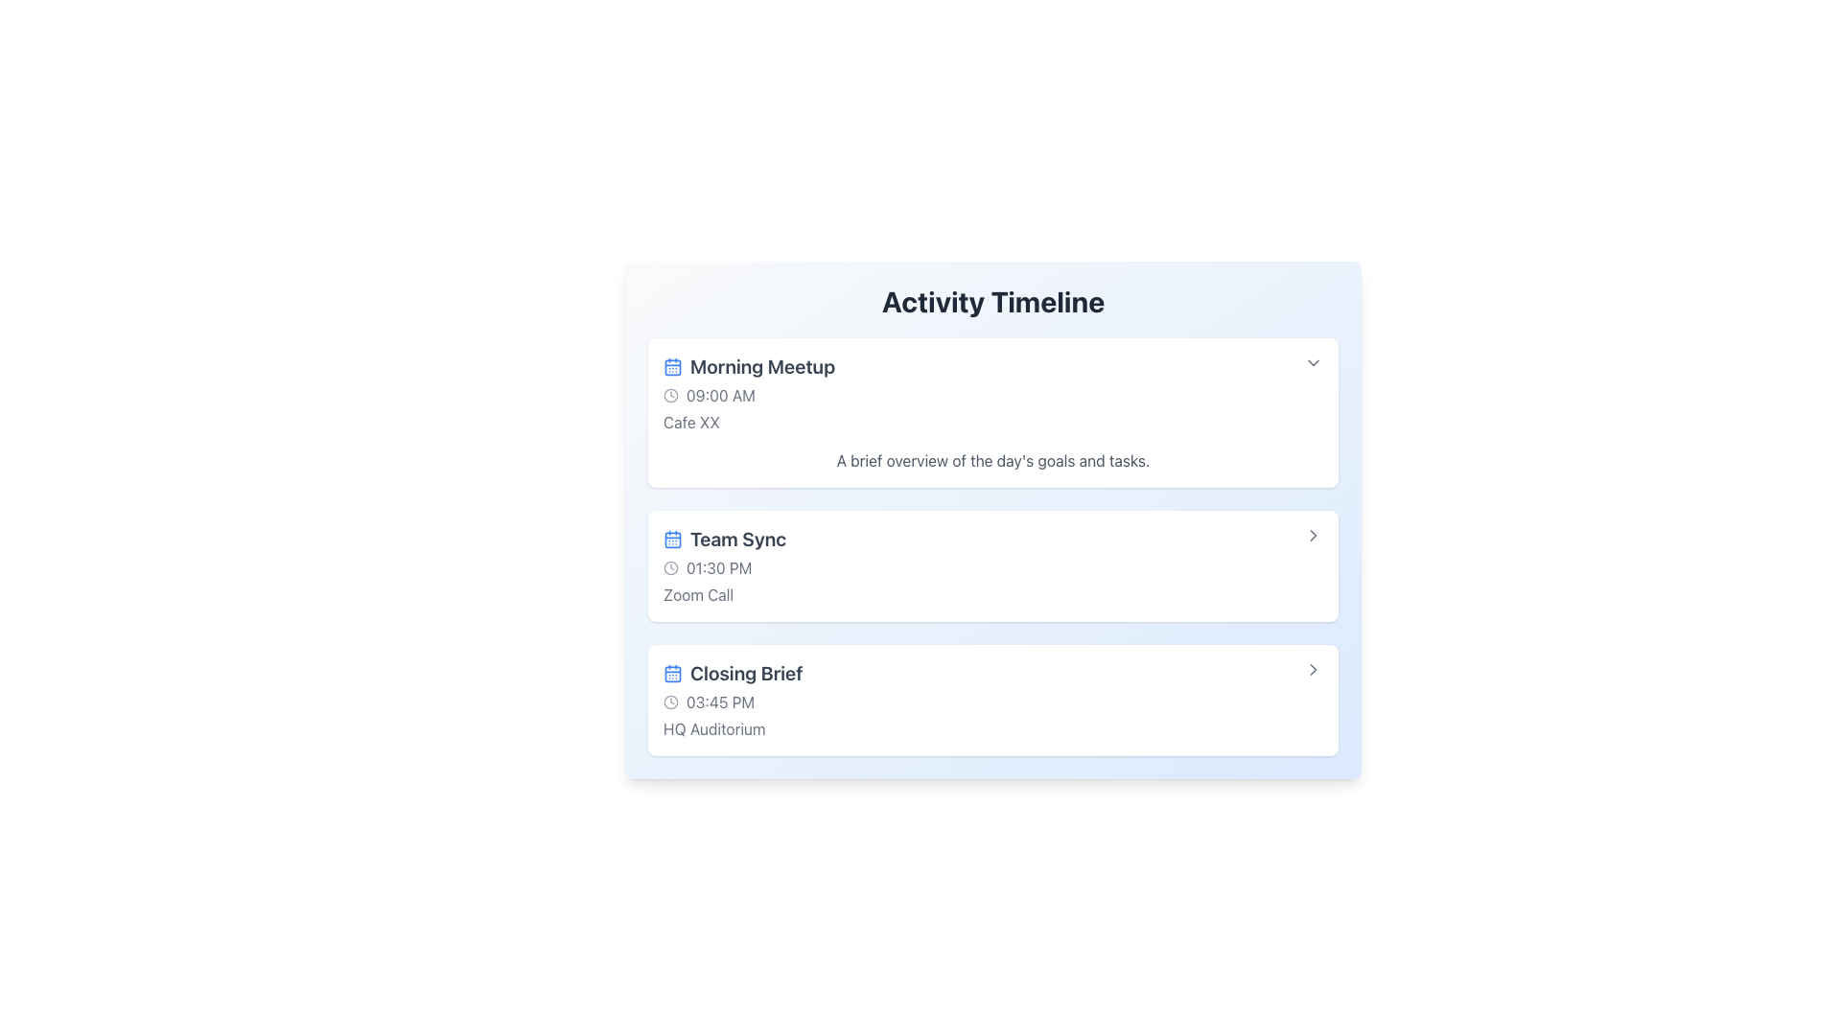  I want to click on the third entry in the 'Activity Timeline' section, so click(732, 701).